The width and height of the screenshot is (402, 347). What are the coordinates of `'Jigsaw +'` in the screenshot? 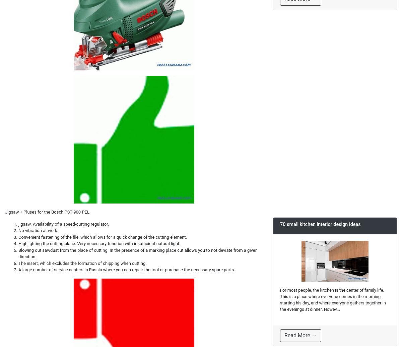 It's located at (14, 212).